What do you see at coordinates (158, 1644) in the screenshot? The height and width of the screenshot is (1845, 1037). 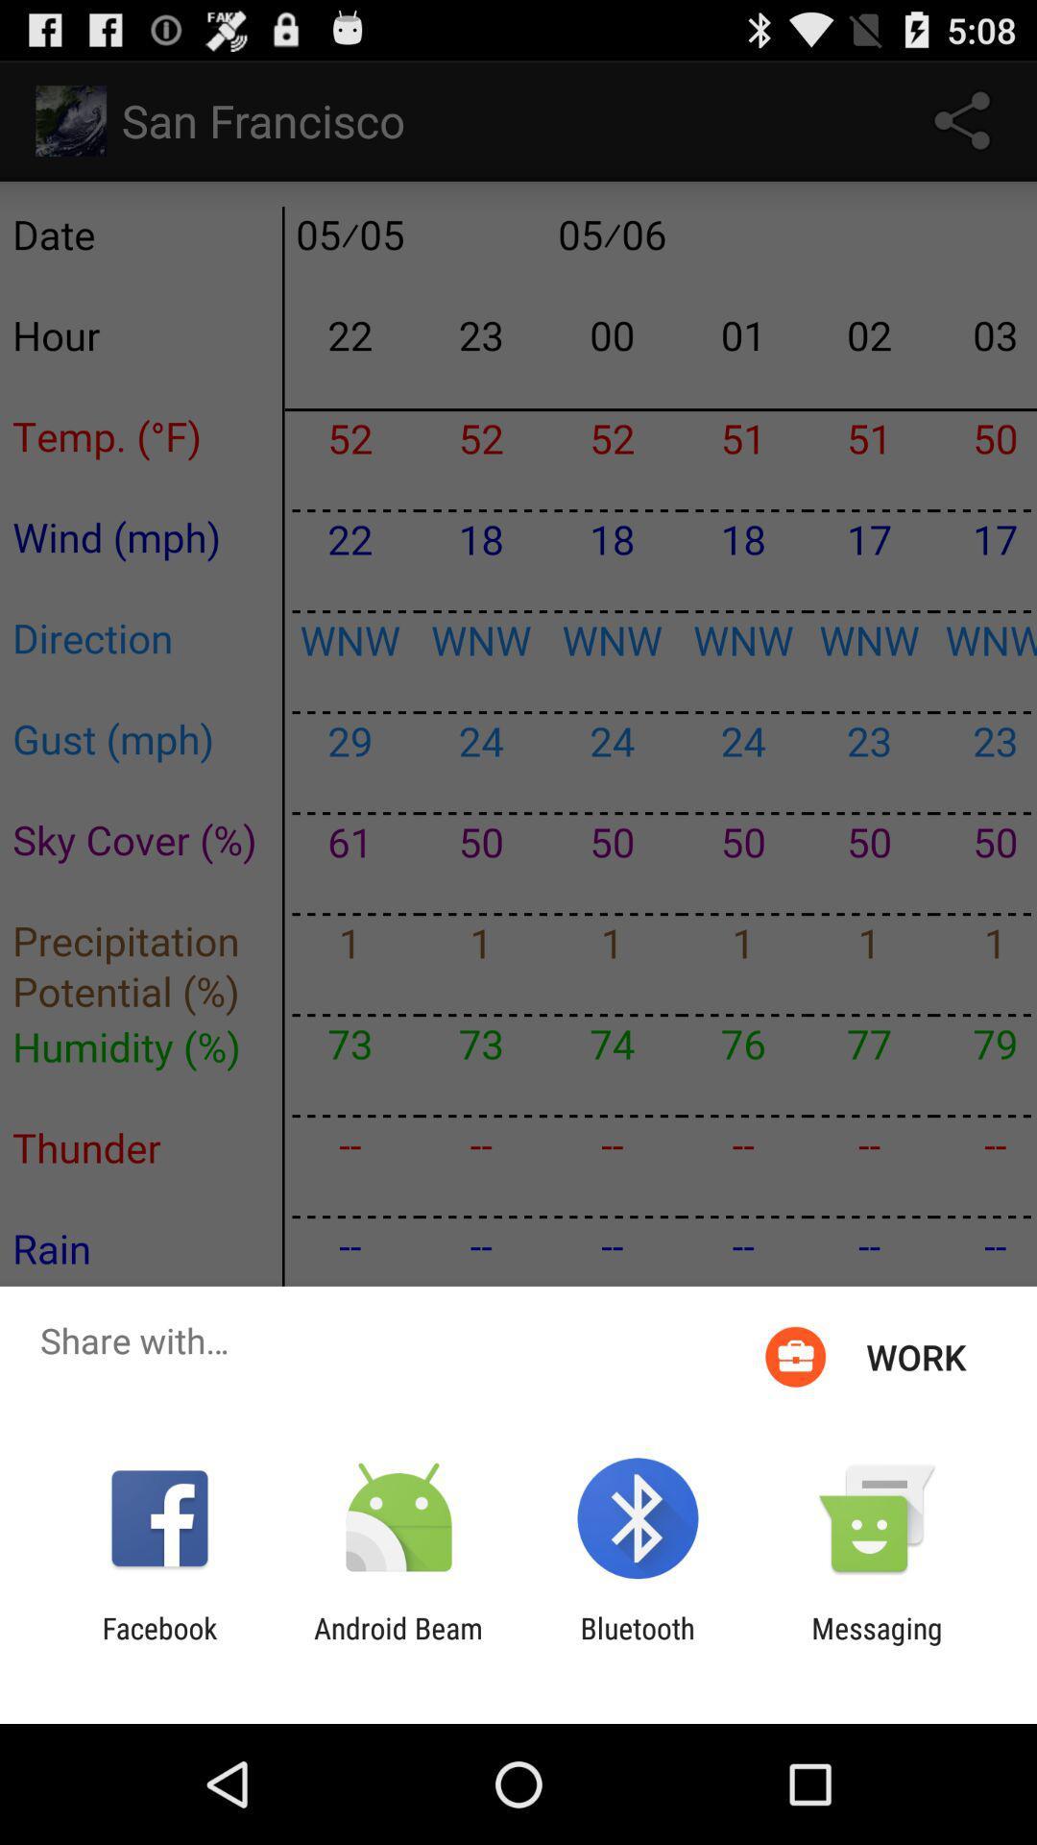 I see `app to the left of the android beam icon` at bounding box center [158, 1644].